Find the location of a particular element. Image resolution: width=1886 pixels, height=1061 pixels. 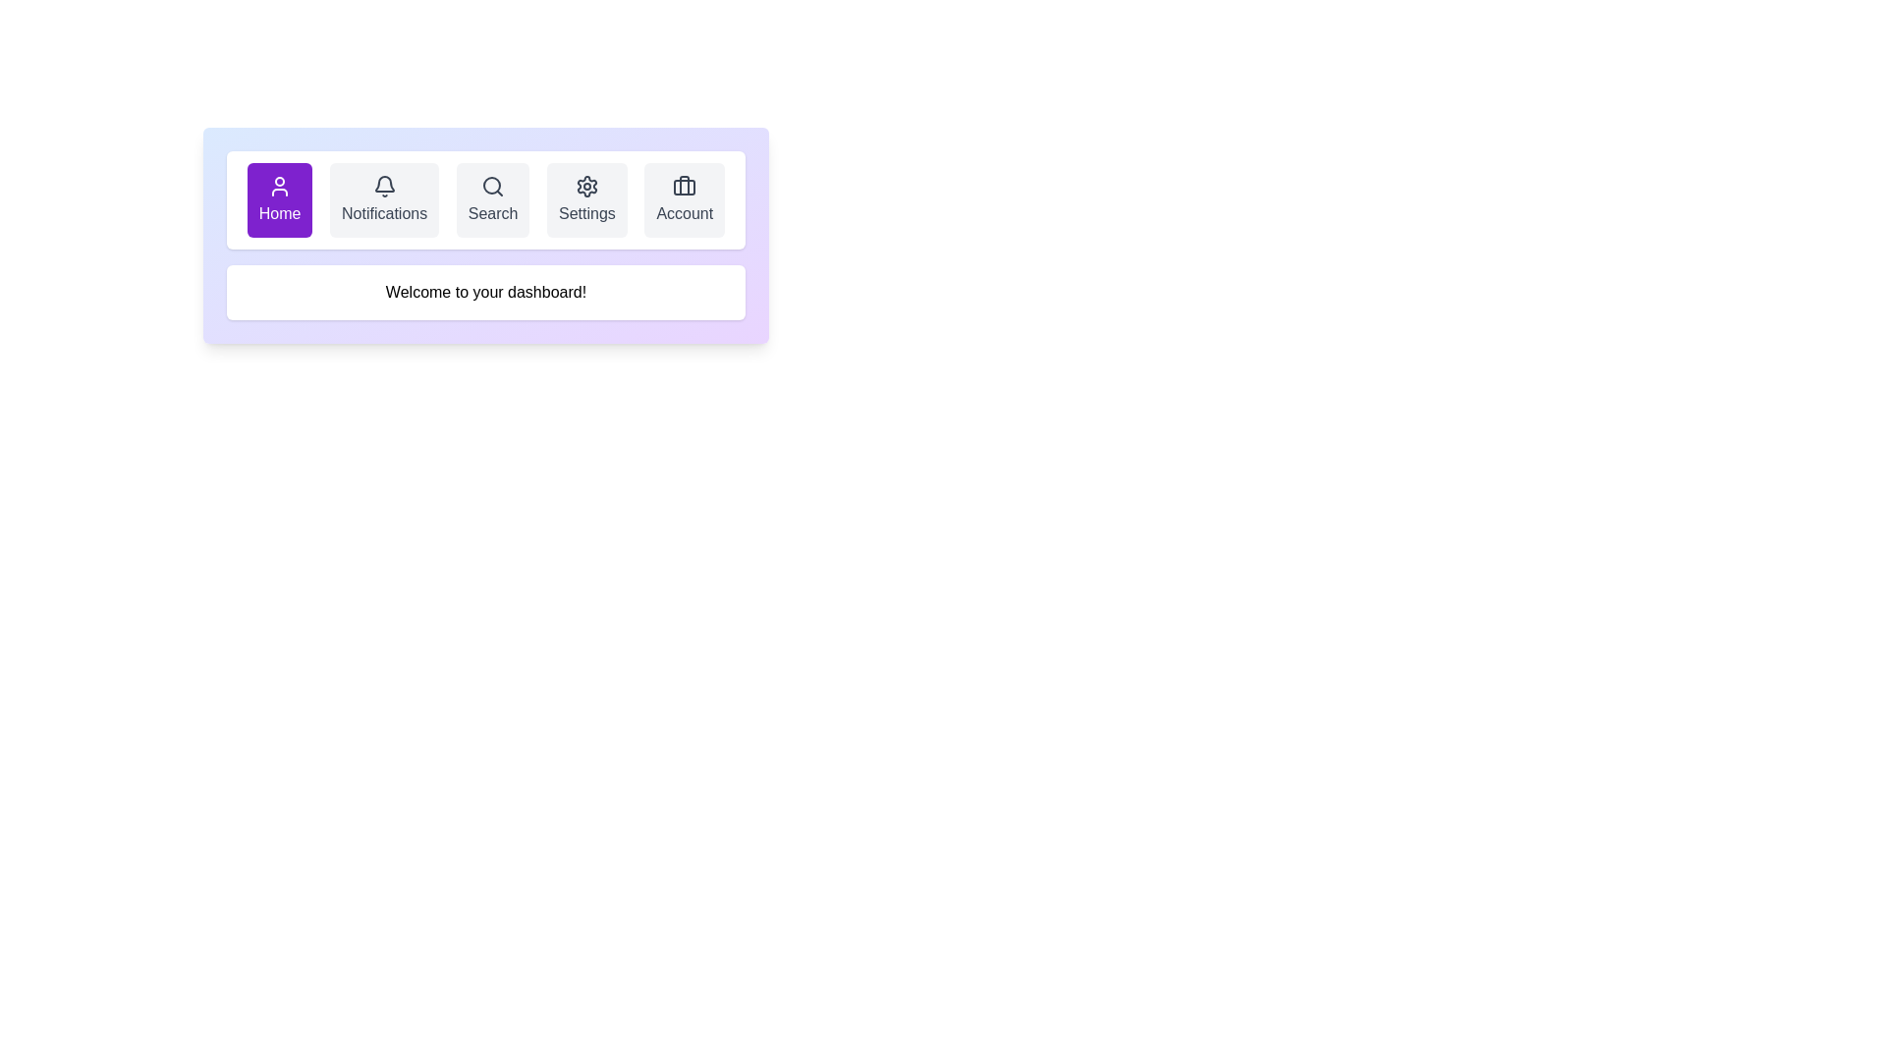

the suitcase icon located centrally above the 'Account' text label in the horizontal navigation bar is located at coordinates (684, 186).